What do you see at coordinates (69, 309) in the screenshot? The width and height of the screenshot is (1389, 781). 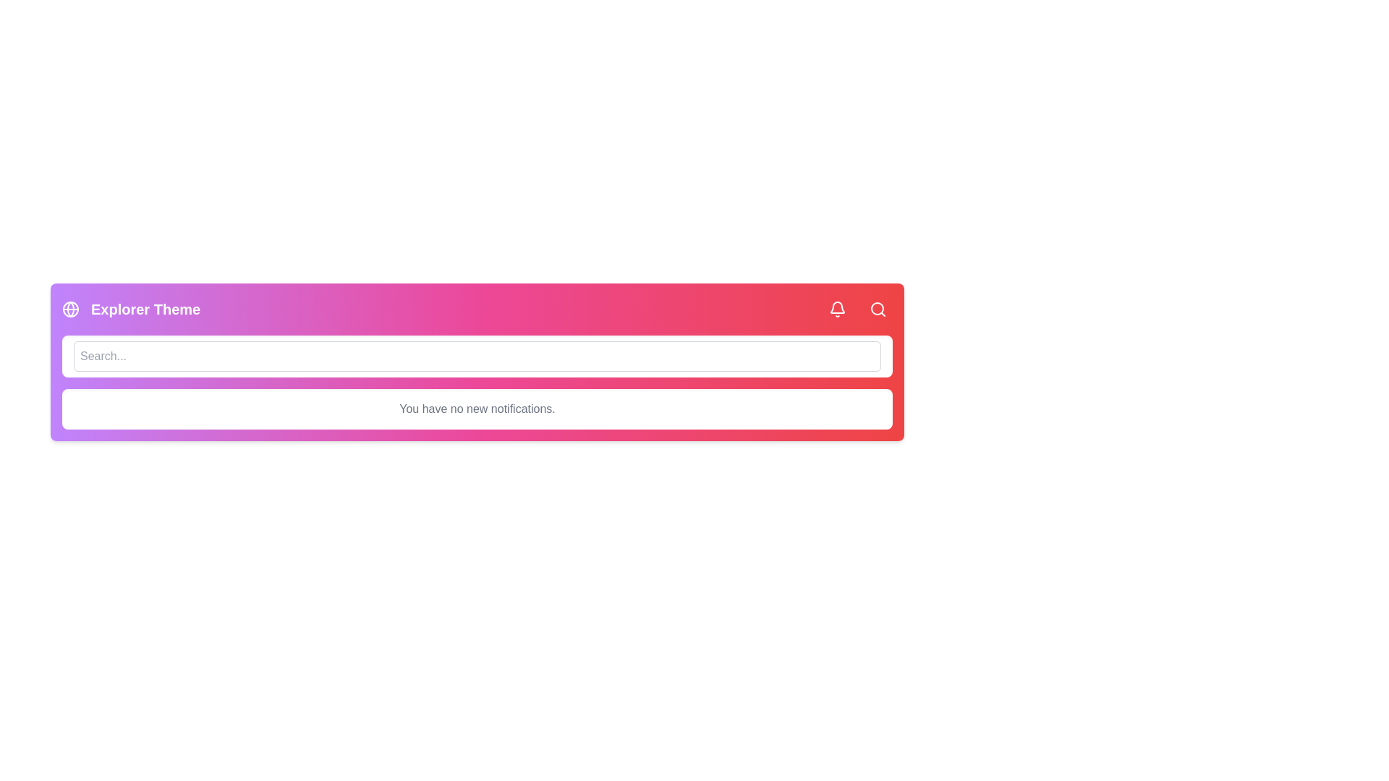 I see `the decorative globe icon element located in the top-left corner of the header bar` at bounding box center [69, 309].